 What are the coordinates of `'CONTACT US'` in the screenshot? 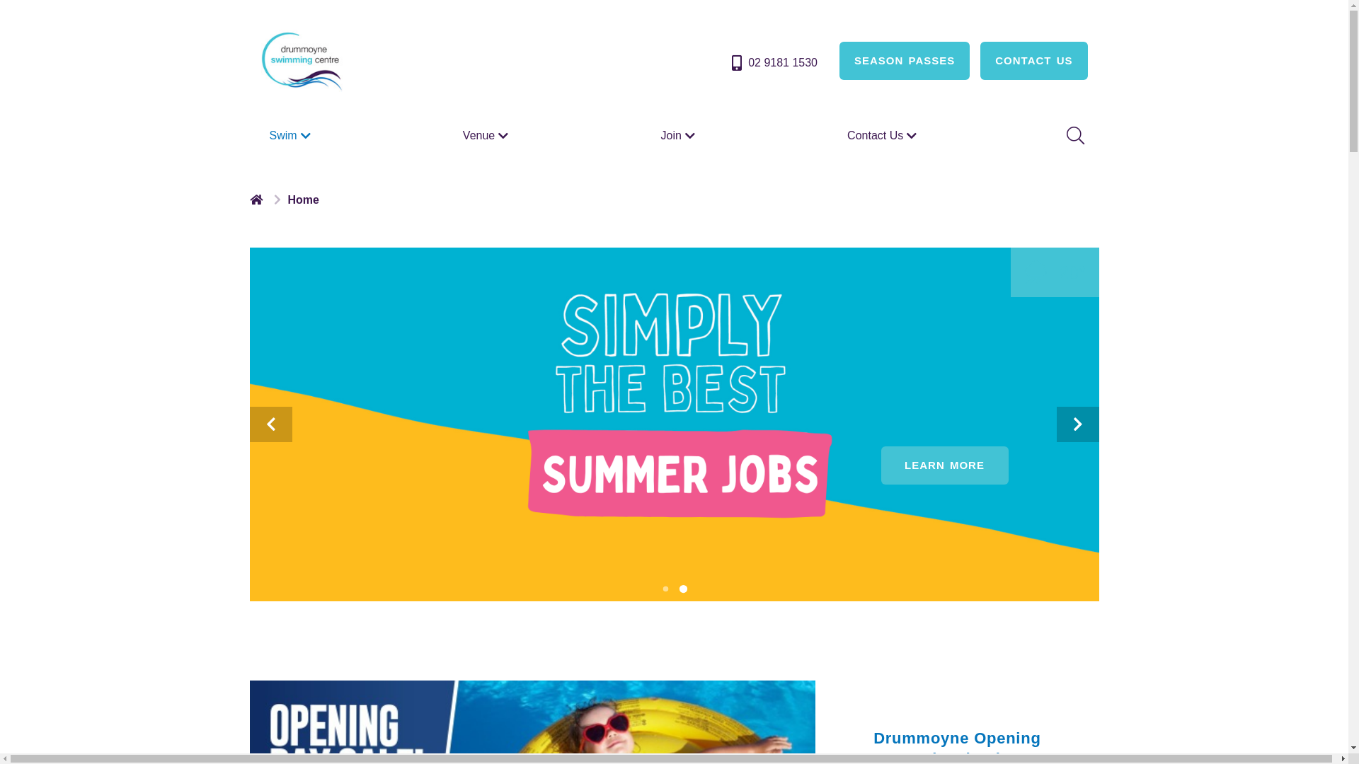 It's located at (1033, 59).